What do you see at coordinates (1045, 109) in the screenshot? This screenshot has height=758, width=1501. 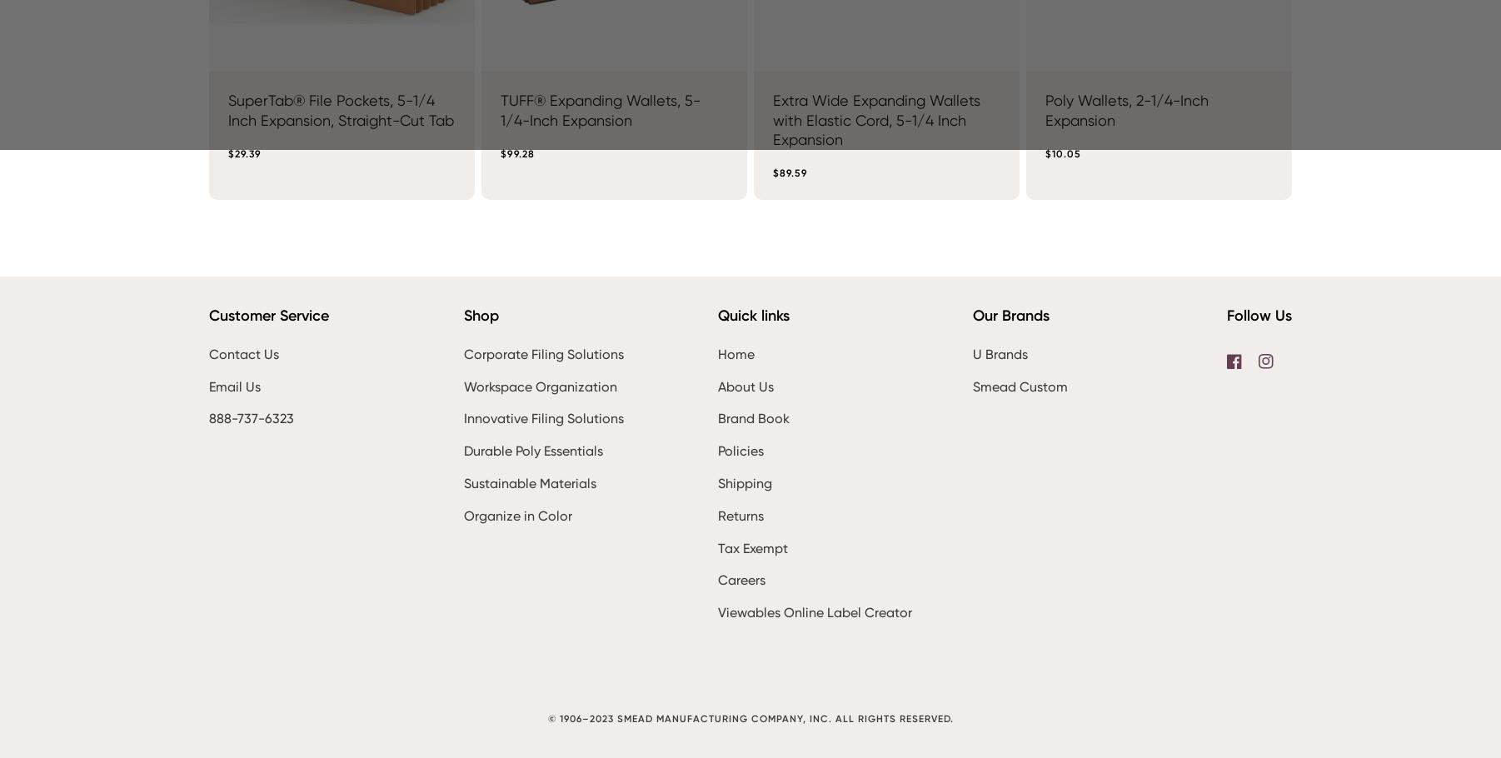 I see `'Poly Wallets, 2-1/4-Inch Expansion'` at bounding box center [1045, 109].